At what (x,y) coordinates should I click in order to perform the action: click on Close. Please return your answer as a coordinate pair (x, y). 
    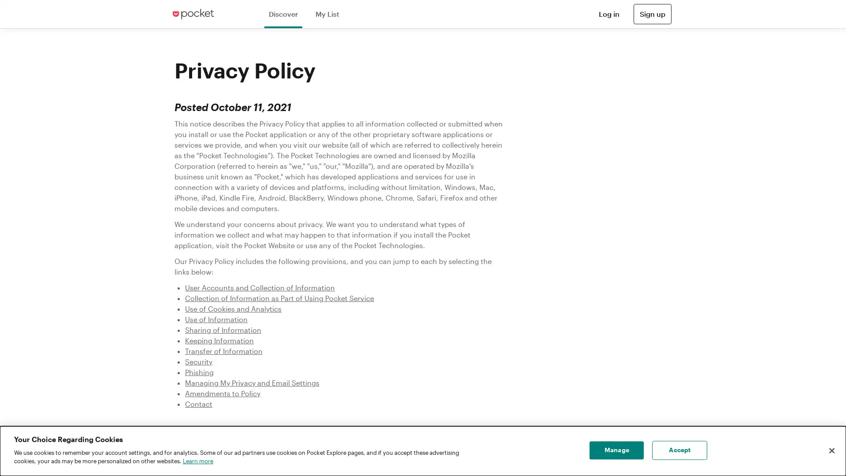
    Looking at the image, I should click on (831, 450).